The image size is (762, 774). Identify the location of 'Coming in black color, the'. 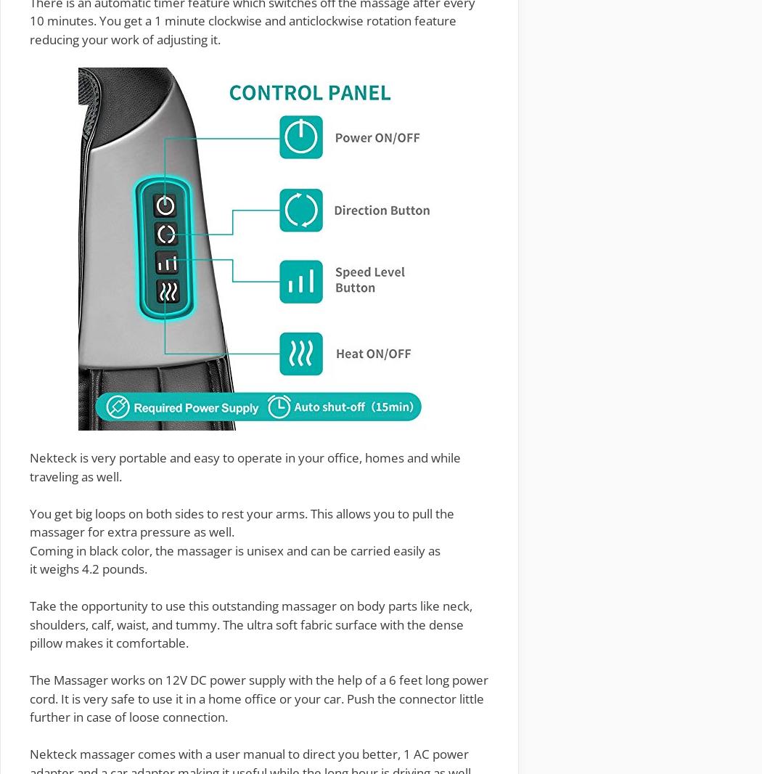
(28, 549).